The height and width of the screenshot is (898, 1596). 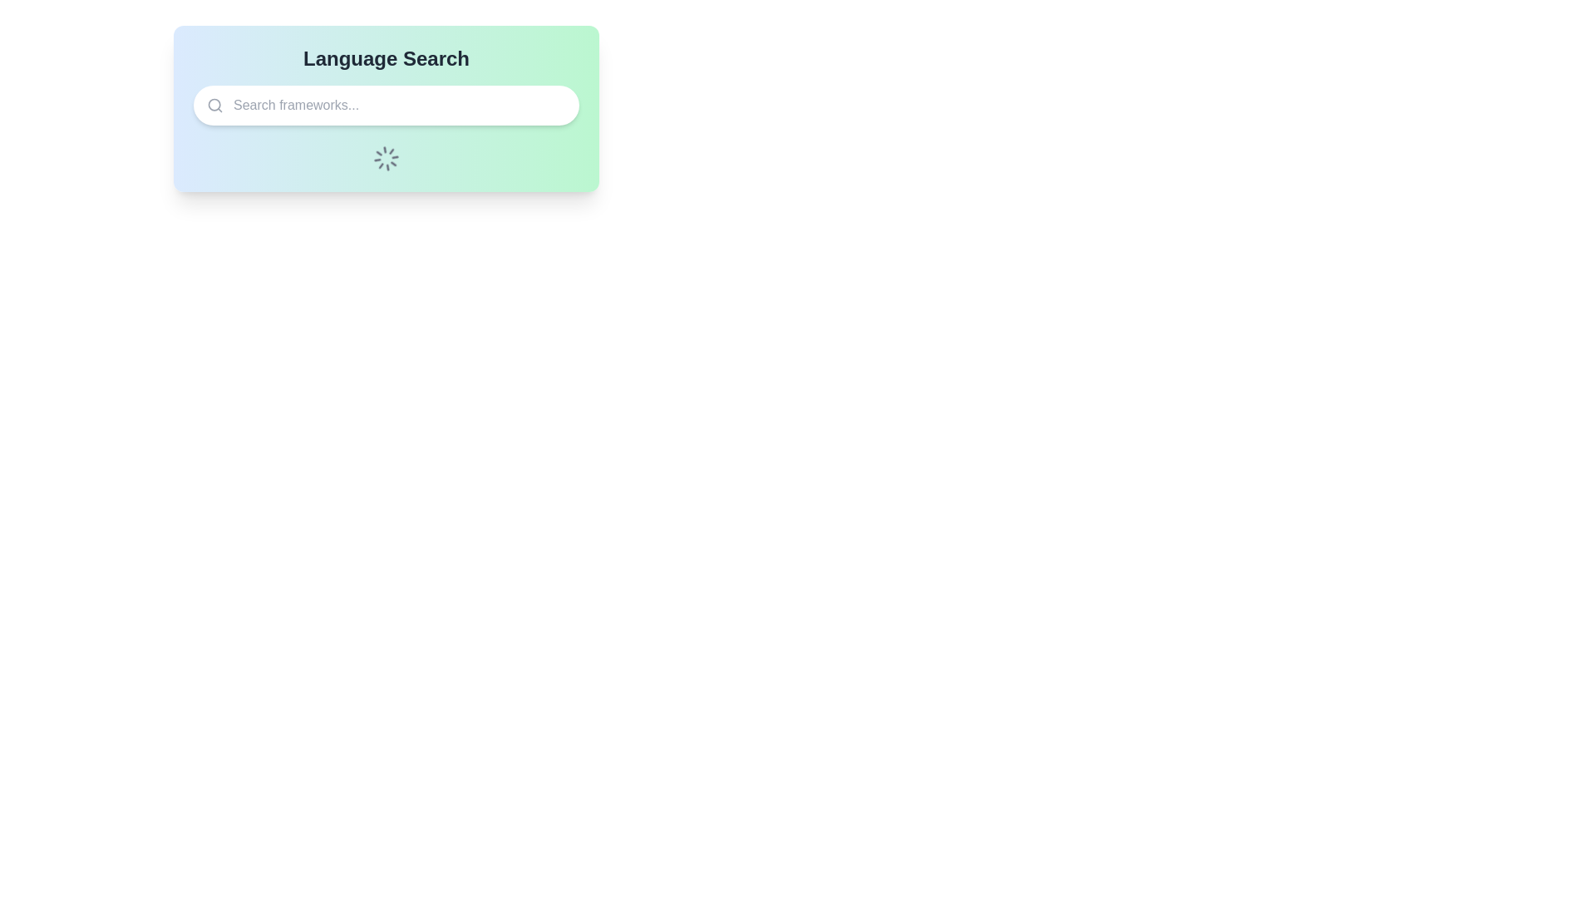 I want to click on the spinning gray loader icon that indicates a process in progress, located in the 'Language Search' card beneath the search bar, so click(x=386, y=159).